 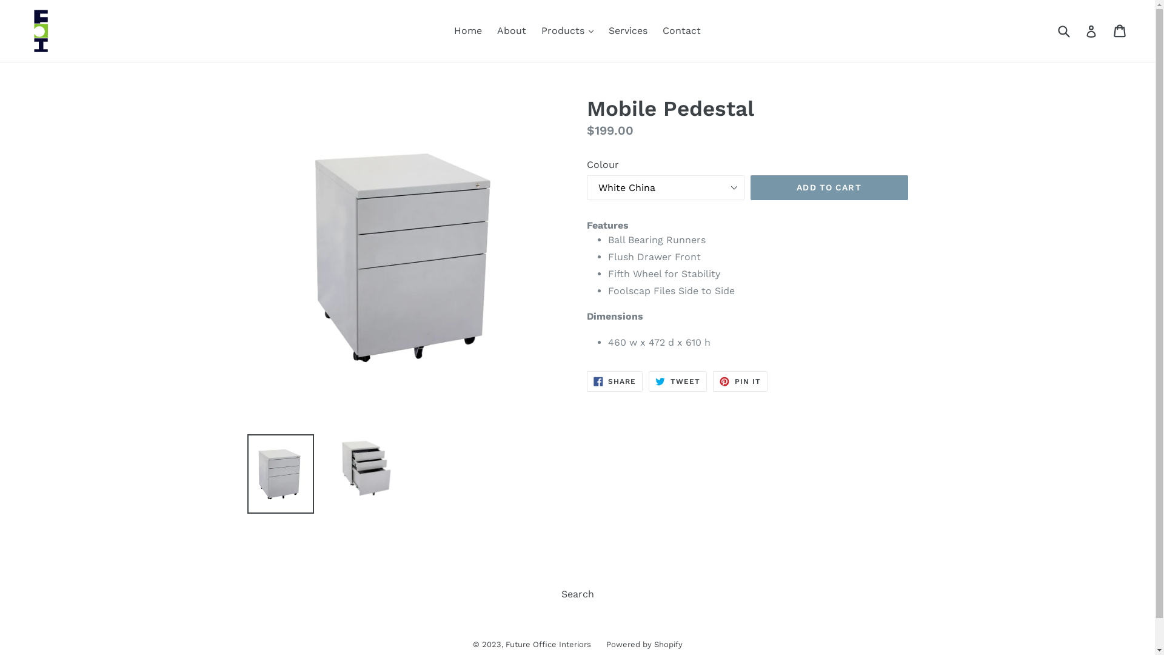 I want to click on 'SHARE, so click(x=615, y=380).